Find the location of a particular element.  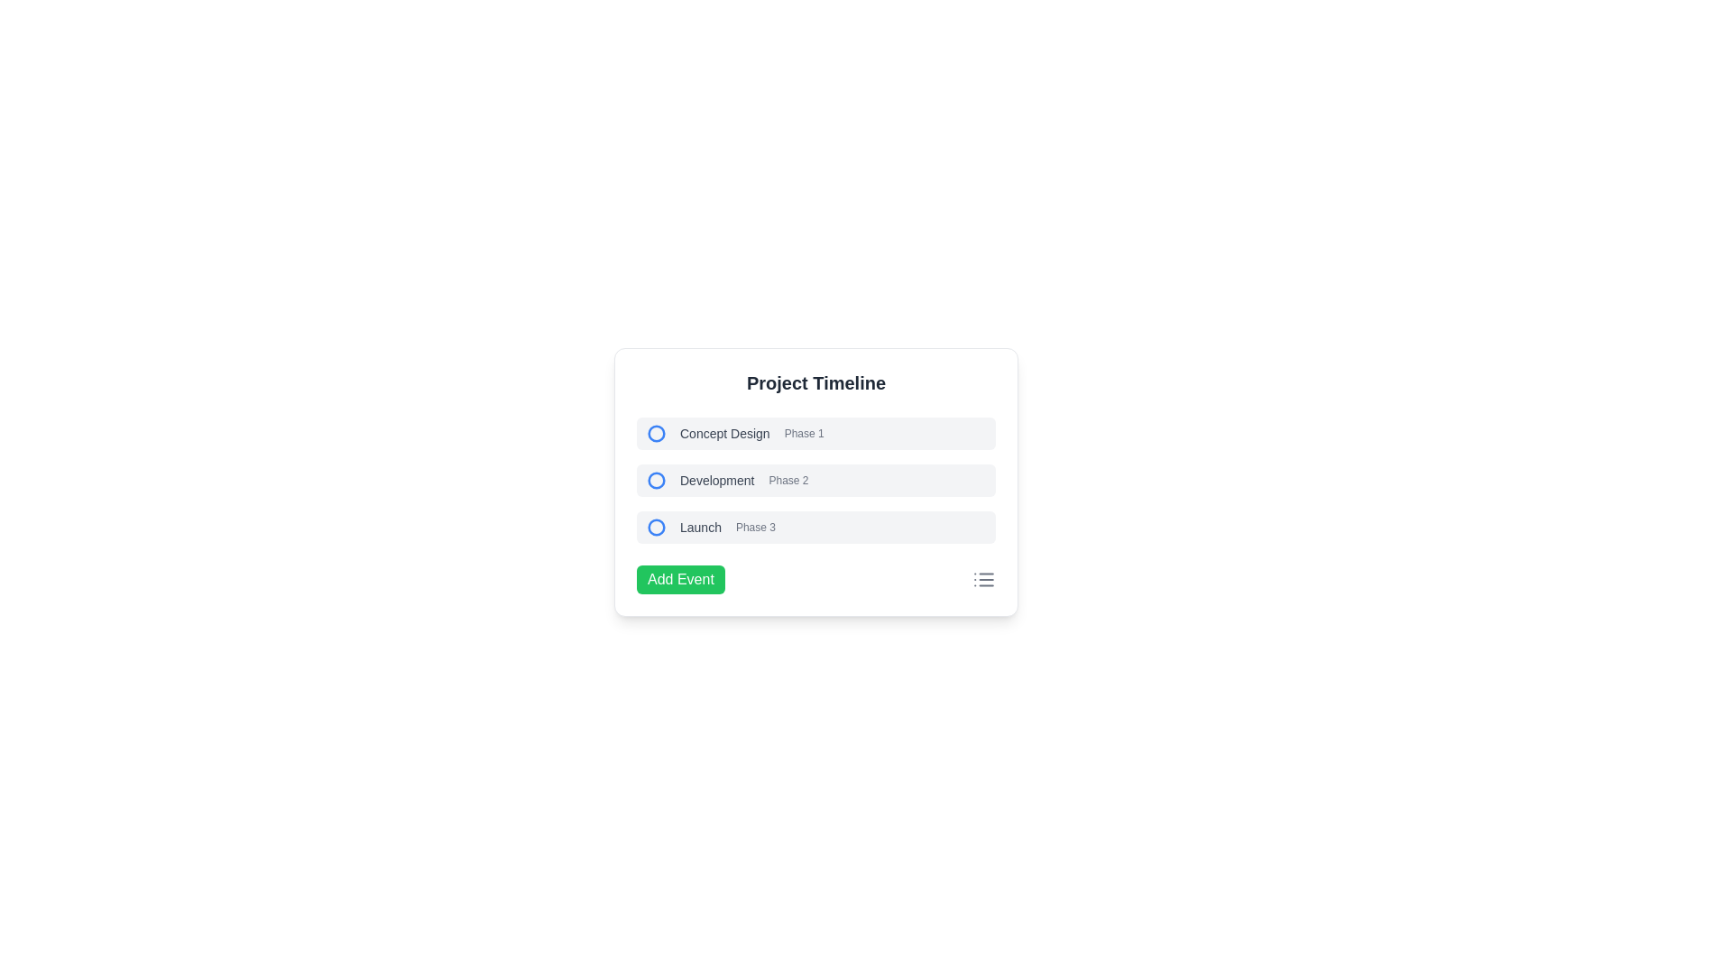

the circular visual indicator associated with the 'Development Phase 2' item in the 'Project Timeline' list is located at coordinates (656, 479).